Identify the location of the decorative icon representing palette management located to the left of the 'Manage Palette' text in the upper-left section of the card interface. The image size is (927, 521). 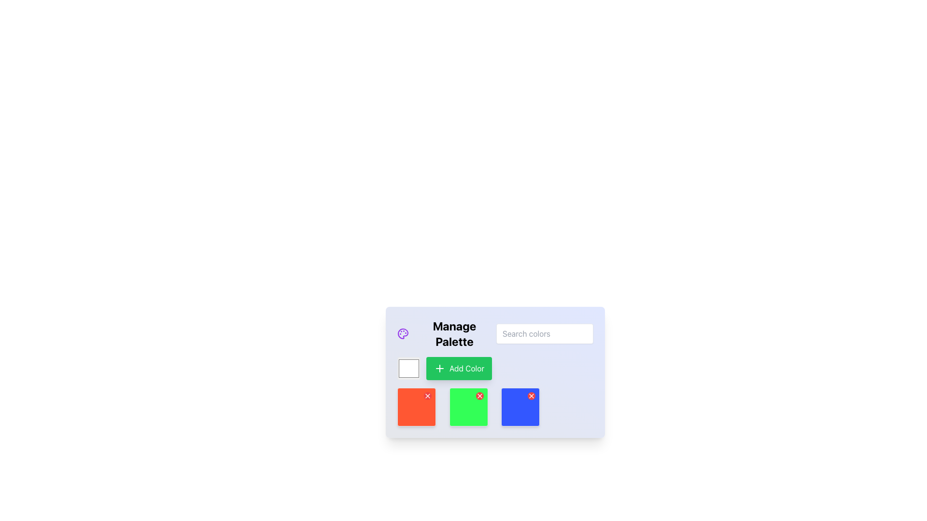
(403, 333).